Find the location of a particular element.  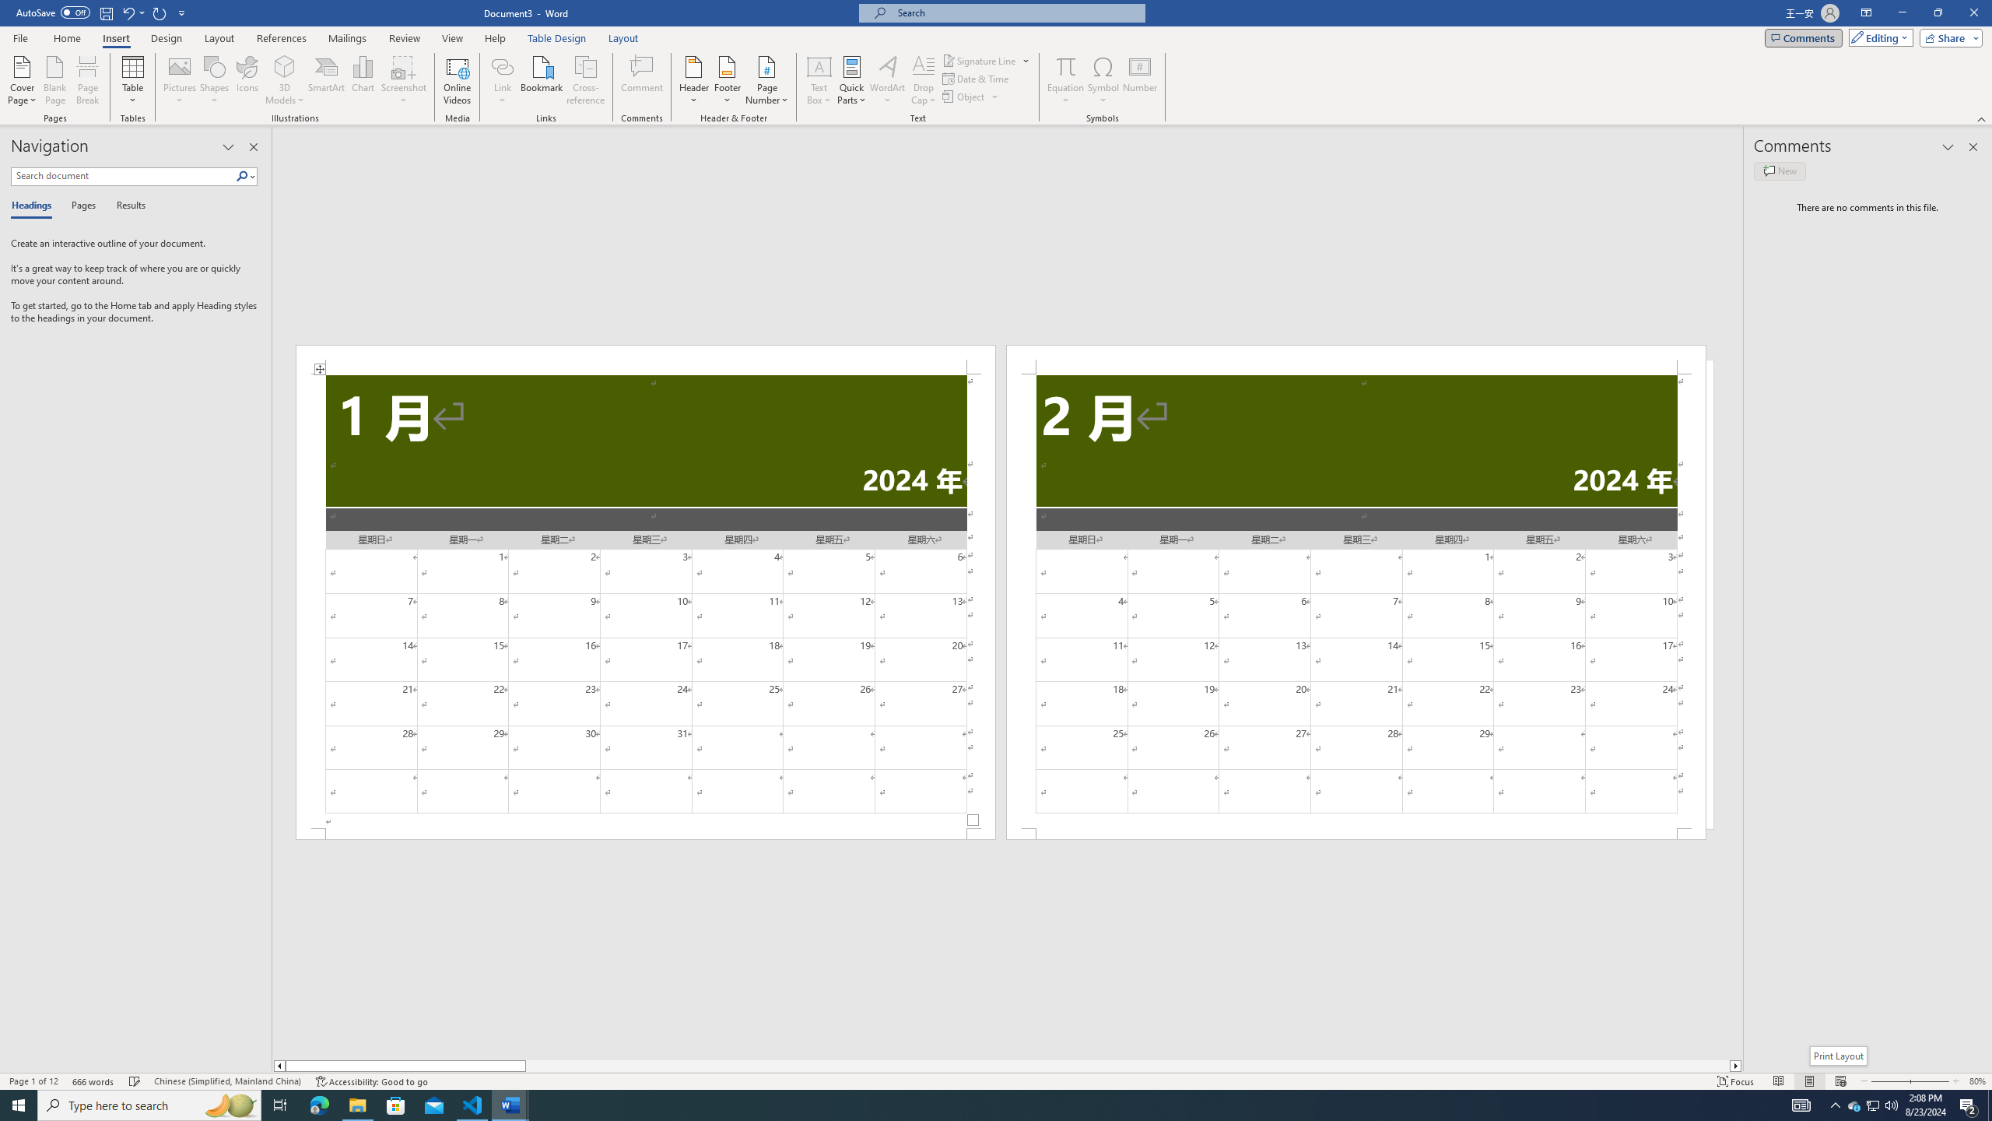

'Footer' is located at coordinates (726, 80).